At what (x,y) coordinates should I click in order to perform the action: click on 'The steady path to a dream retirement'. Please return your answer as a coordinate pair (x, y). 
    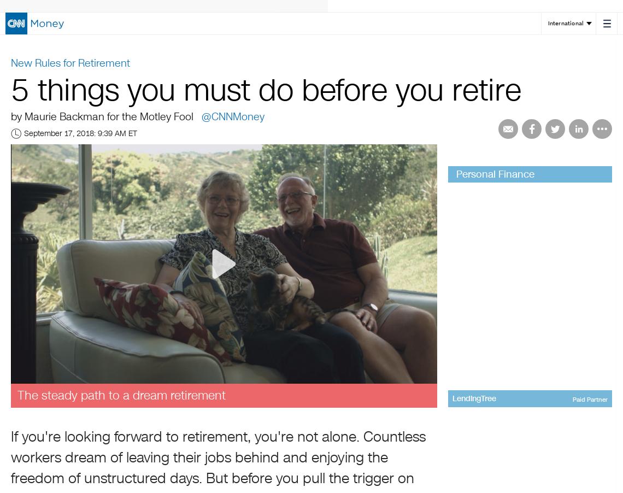
    Looking at the image, I should click on (17, 396).